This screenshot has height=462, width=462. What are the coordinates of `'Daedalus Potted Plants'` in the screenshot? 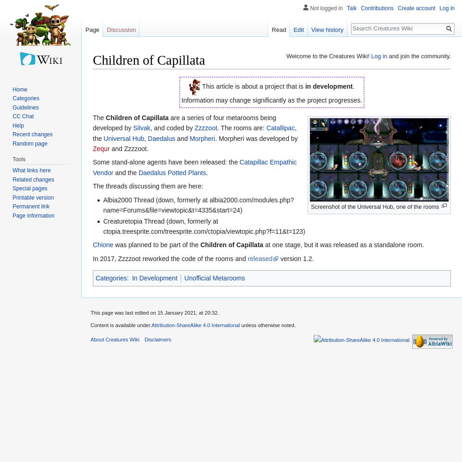 It's located at (171, 172).